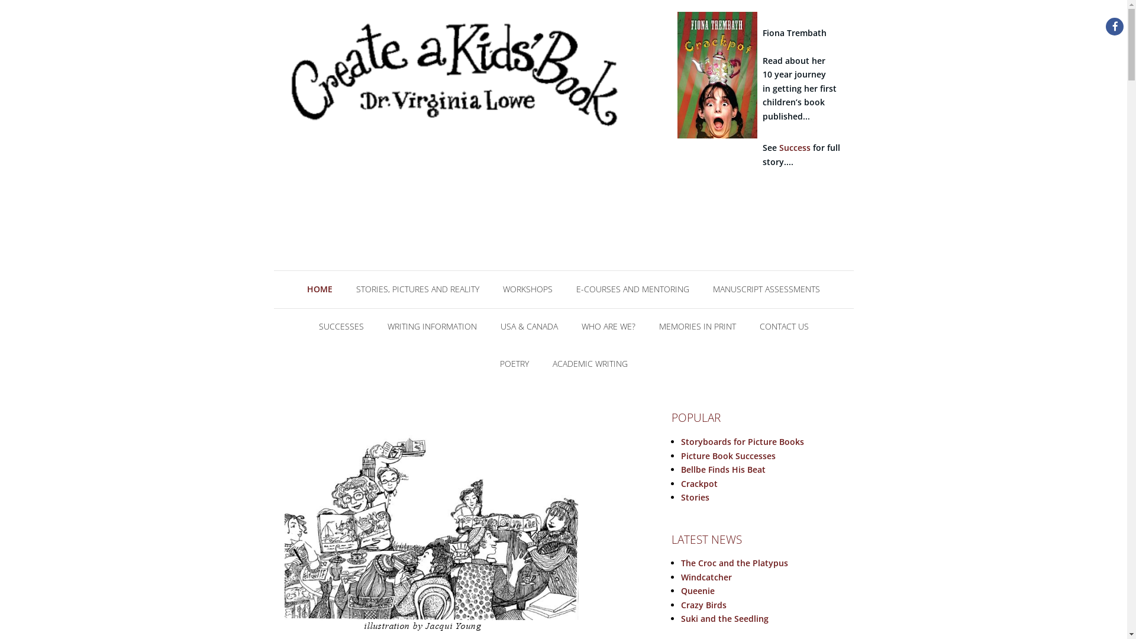  I want to click on 'Crazy Birds', so click(703, 605).